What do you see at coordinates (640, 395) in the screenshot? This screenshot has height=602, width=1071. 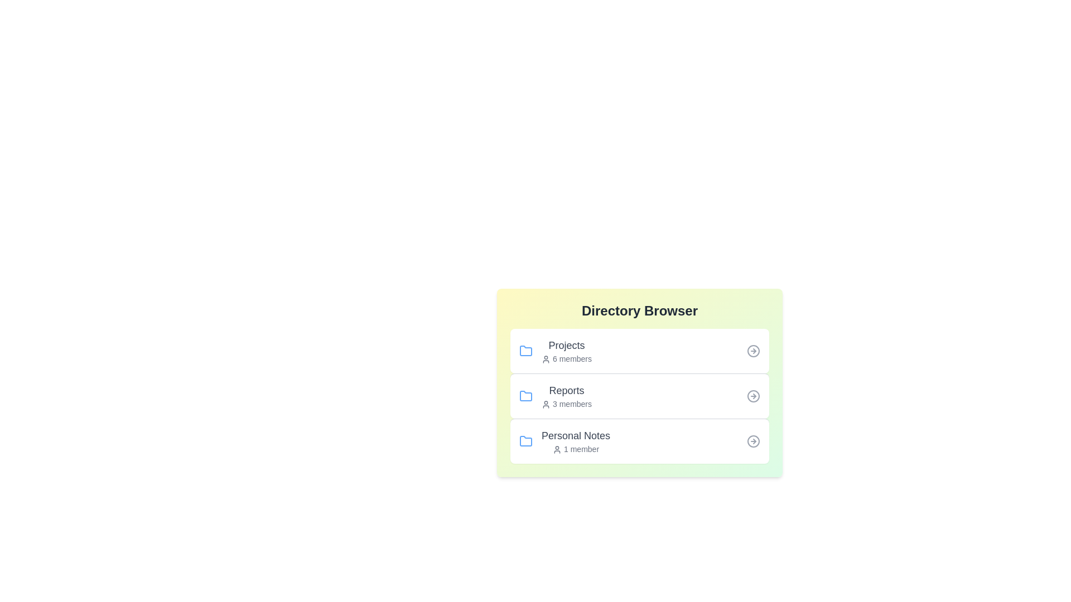 I see `the directory Reports by clicking on its list item` at bounding box center [640, 395].